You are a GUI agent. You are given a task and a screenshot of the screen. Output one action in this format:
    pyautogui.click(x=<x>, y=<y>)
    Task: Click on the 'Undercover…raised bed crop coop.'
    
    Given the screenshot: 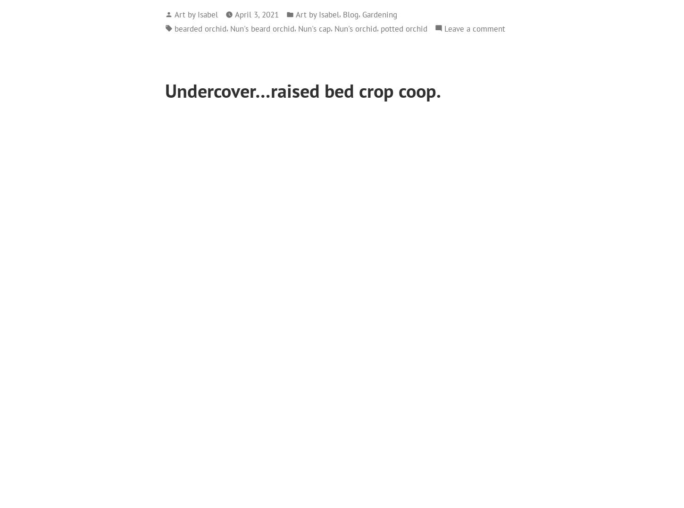 What is the action you would take?
    pyautogui.click(x=302, y=90)
    